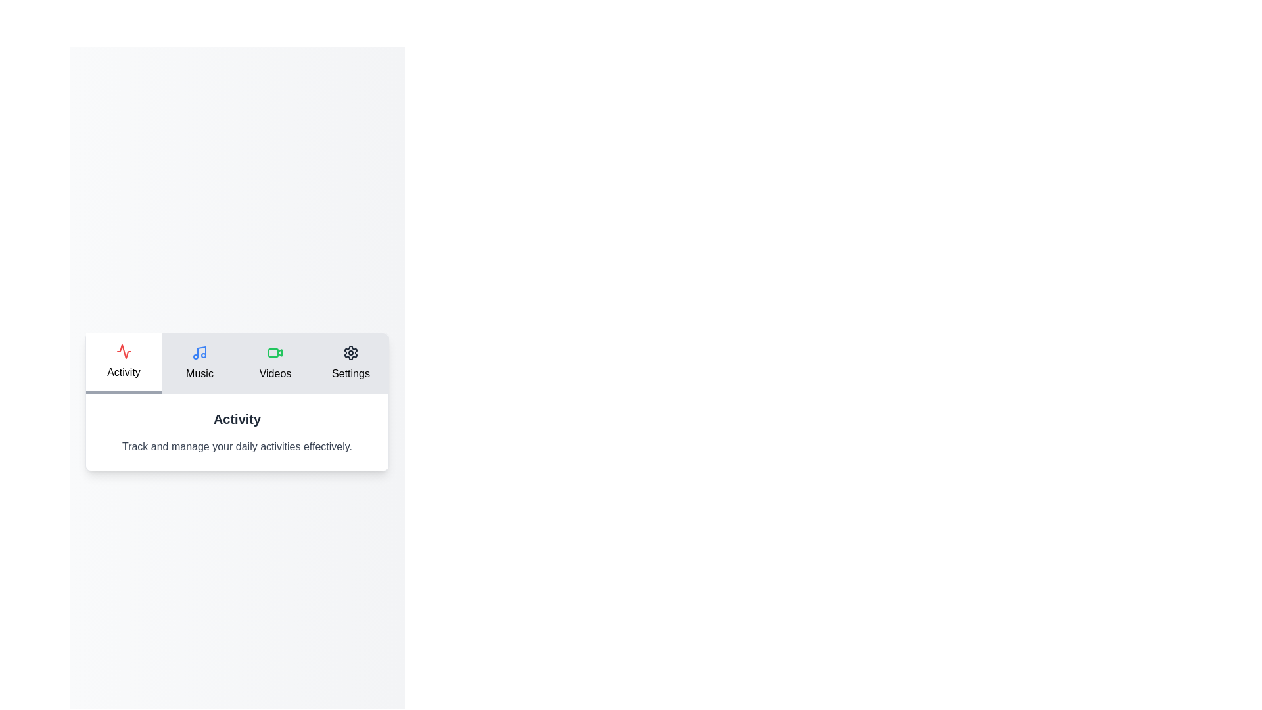  I want to click on the tab Videos to display its associated content, so click(274, 363).